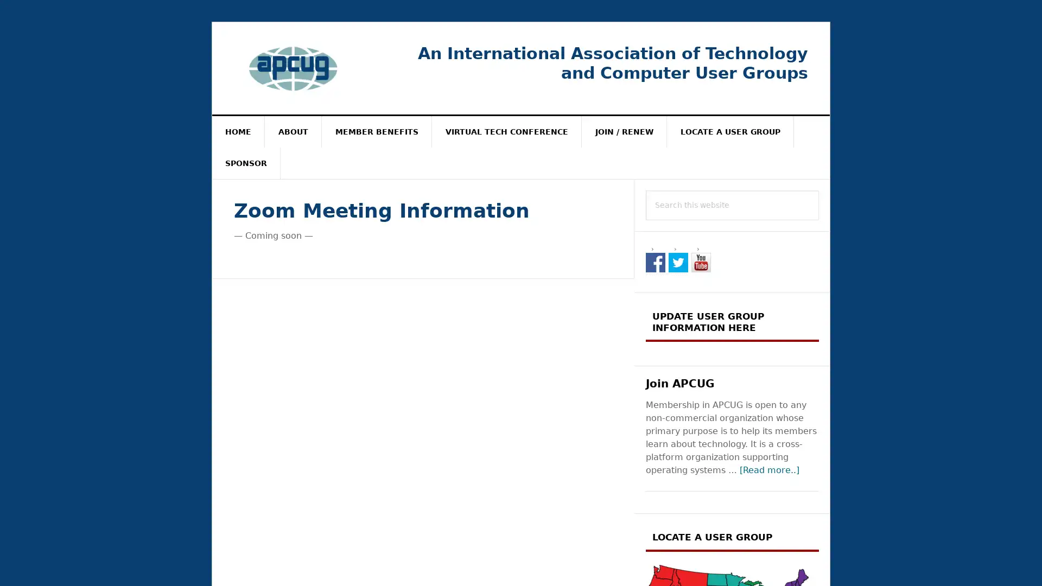 The height and width of the screenshot is (586, 1042). What do you see at coordinates (819, 189) in the screenshot?
I see `Search` at bounding box center [819, 189].